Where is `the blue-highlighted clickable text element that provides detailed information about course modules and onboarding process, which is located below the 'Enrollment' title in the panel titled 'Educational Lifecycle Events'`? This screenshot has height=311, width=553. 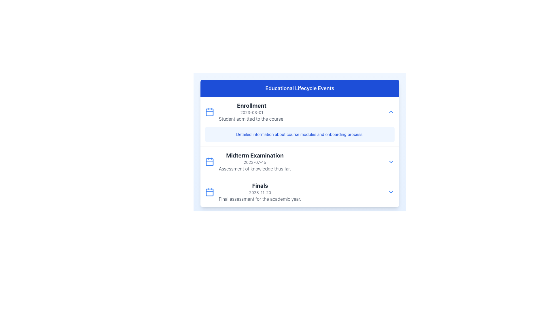 the blue-highlighted clickable text element that provides detailed information about course modules and onboarding process, which is located below the 'Enrollment' title in the panel titled 'Educational Lifecycle Events' is located at coordinates (300, 139).